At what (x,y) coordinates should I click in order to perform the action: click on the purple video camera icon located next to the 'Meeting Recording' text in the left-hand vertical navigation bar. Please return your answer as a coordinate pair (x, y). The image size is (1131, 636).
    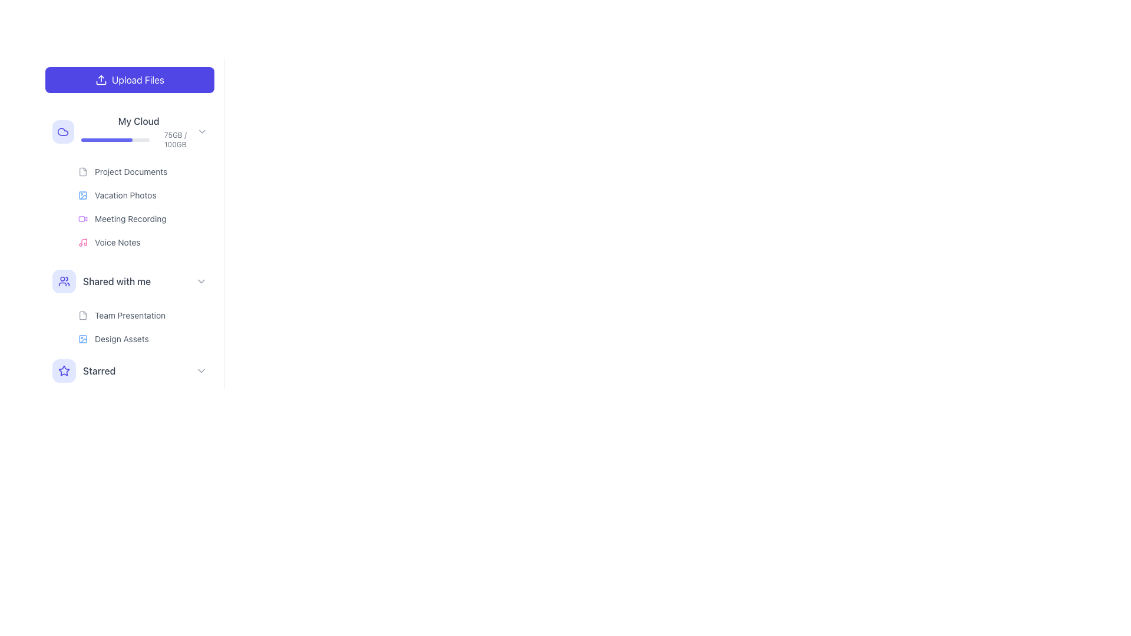
    Looking at the image, I should click on (82, 218).